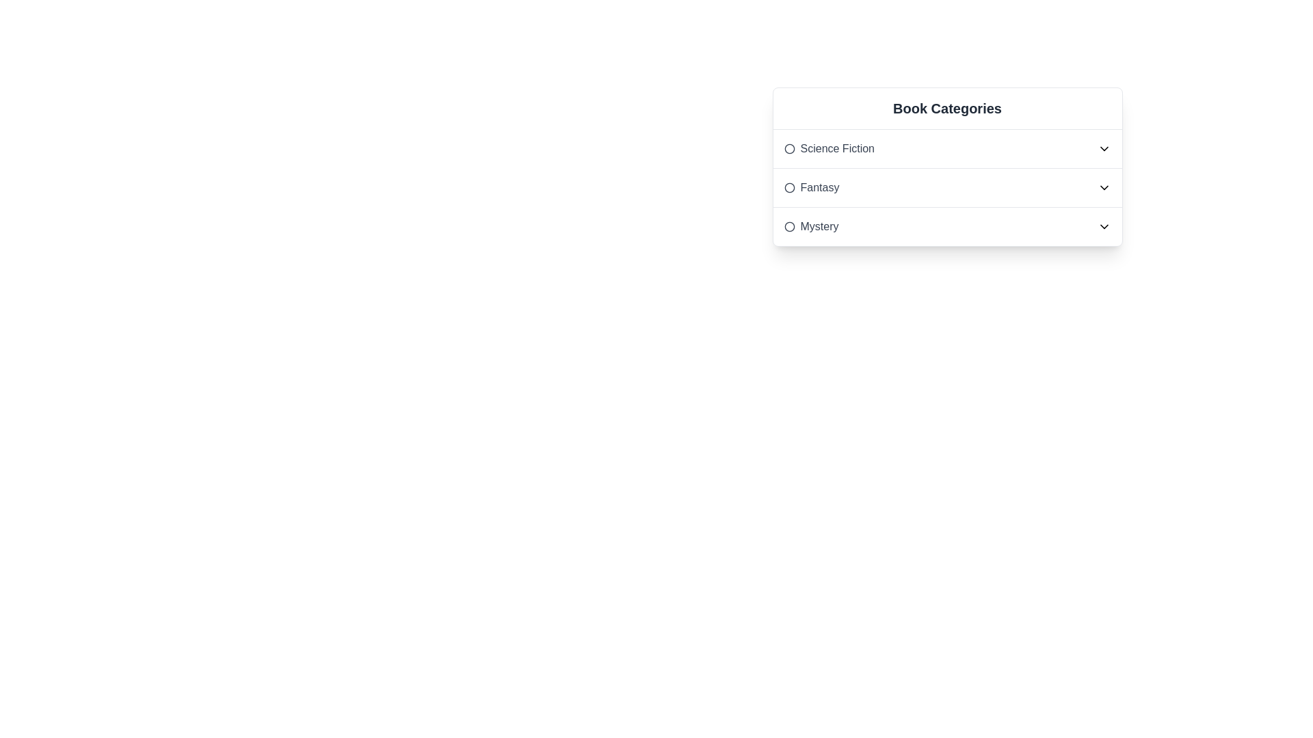 This screenshot has height=738, width=1313. Describe the element at coordinates (946, 188) in the screenshot. I see `the 'Fantasy' dropdown list item` at that location.